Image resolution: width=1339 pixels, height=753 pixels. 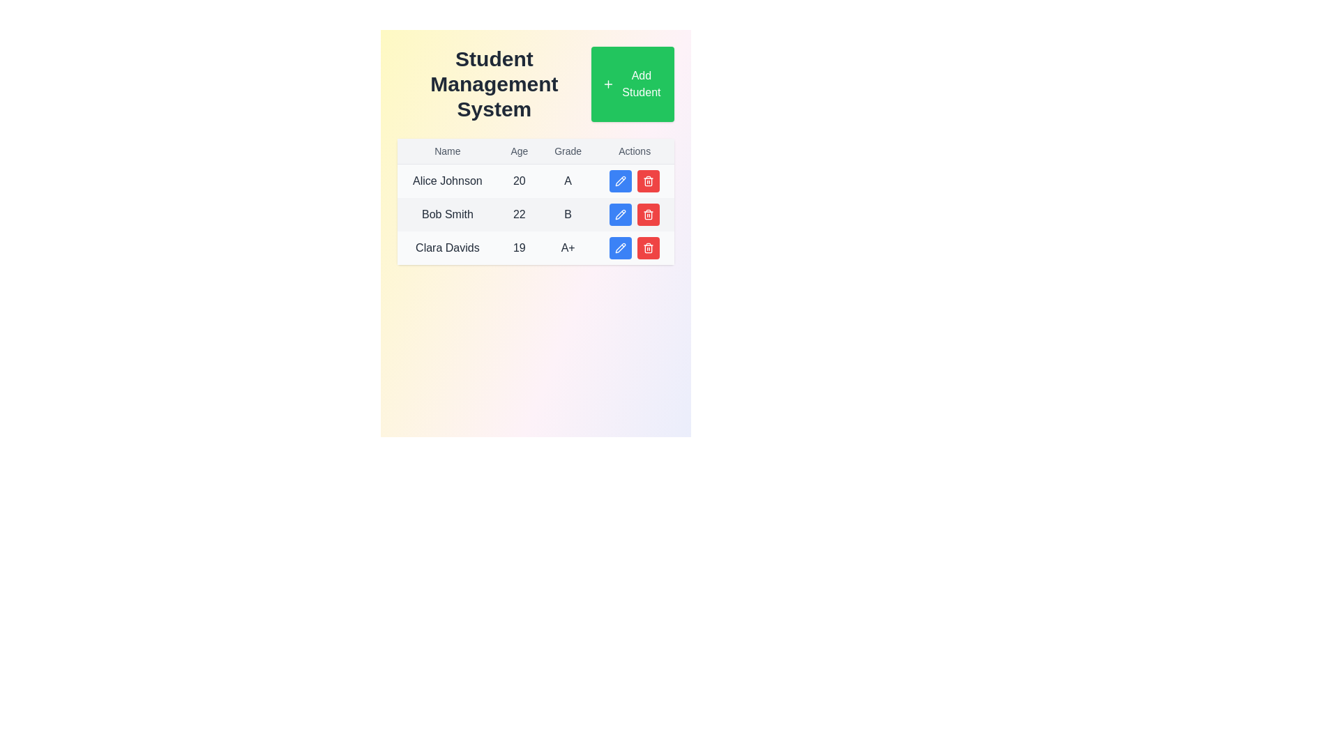 I want to click on the delete icon located in the 'Actions' column of the row for 'Clara Davids', so click(x=648, y=181).